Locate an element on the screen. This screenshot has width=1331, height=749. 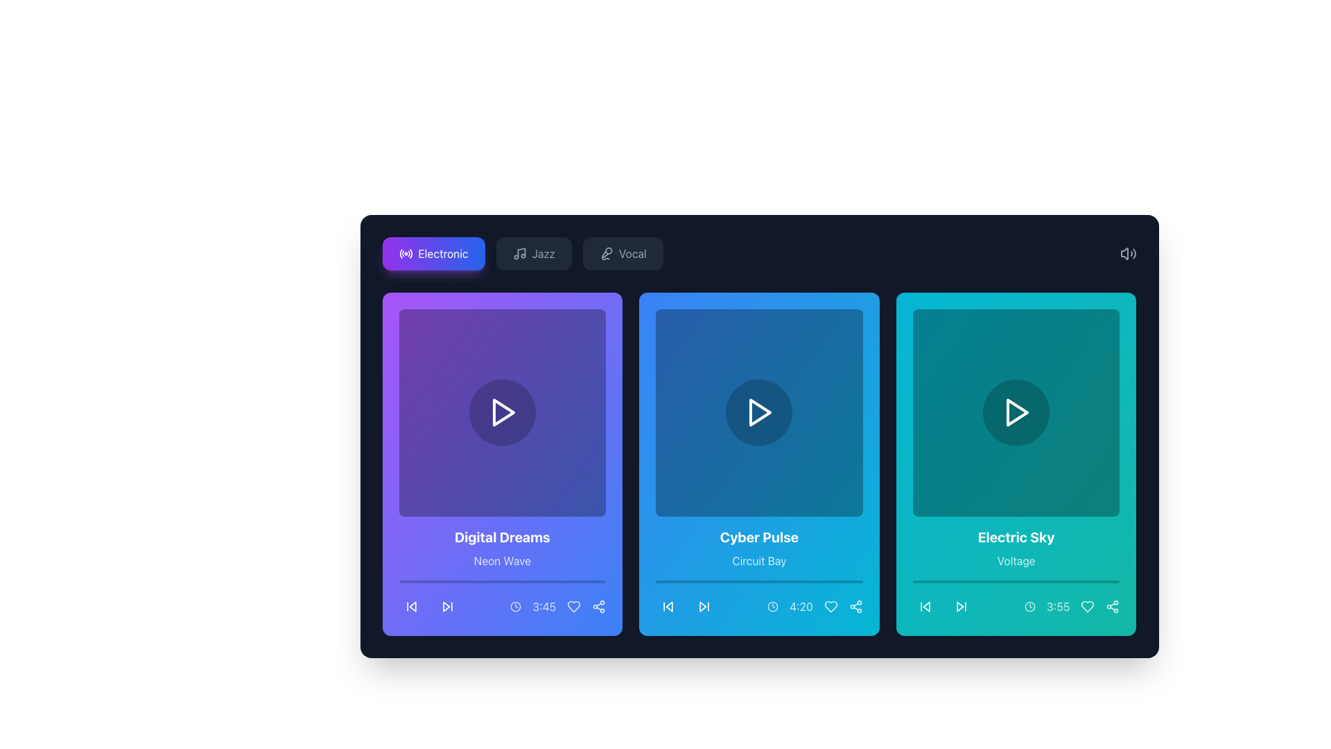
the favorite or like button is located at coordinates (574, 605).